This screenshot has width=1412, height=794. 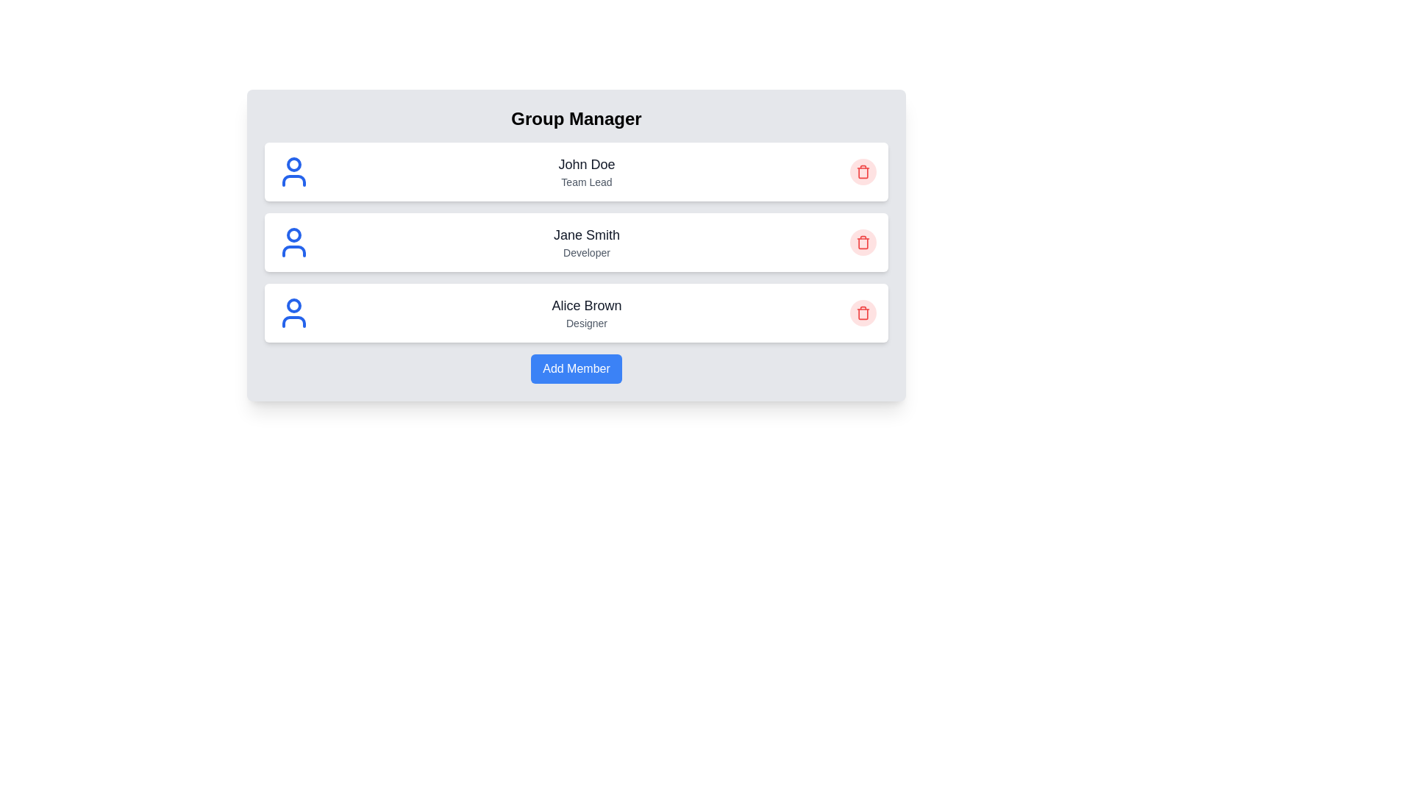 I want to click on the lower half of the SVG-based user icon representing the avatar of 'John Doe', located in the top entry of the vertical list, so click(x=293, y=180).